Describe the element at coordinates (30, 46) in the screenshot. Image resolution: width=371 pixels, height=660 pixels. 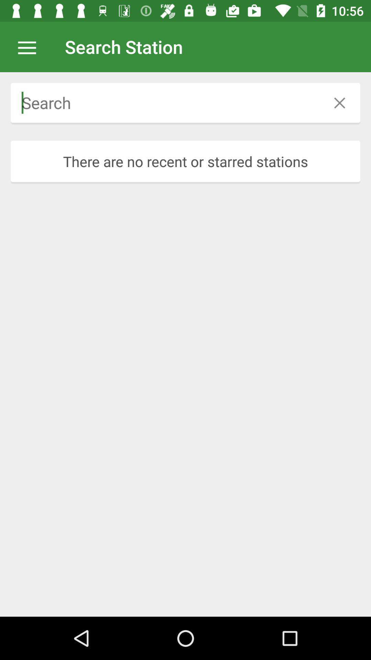
I see `menu` at that location.